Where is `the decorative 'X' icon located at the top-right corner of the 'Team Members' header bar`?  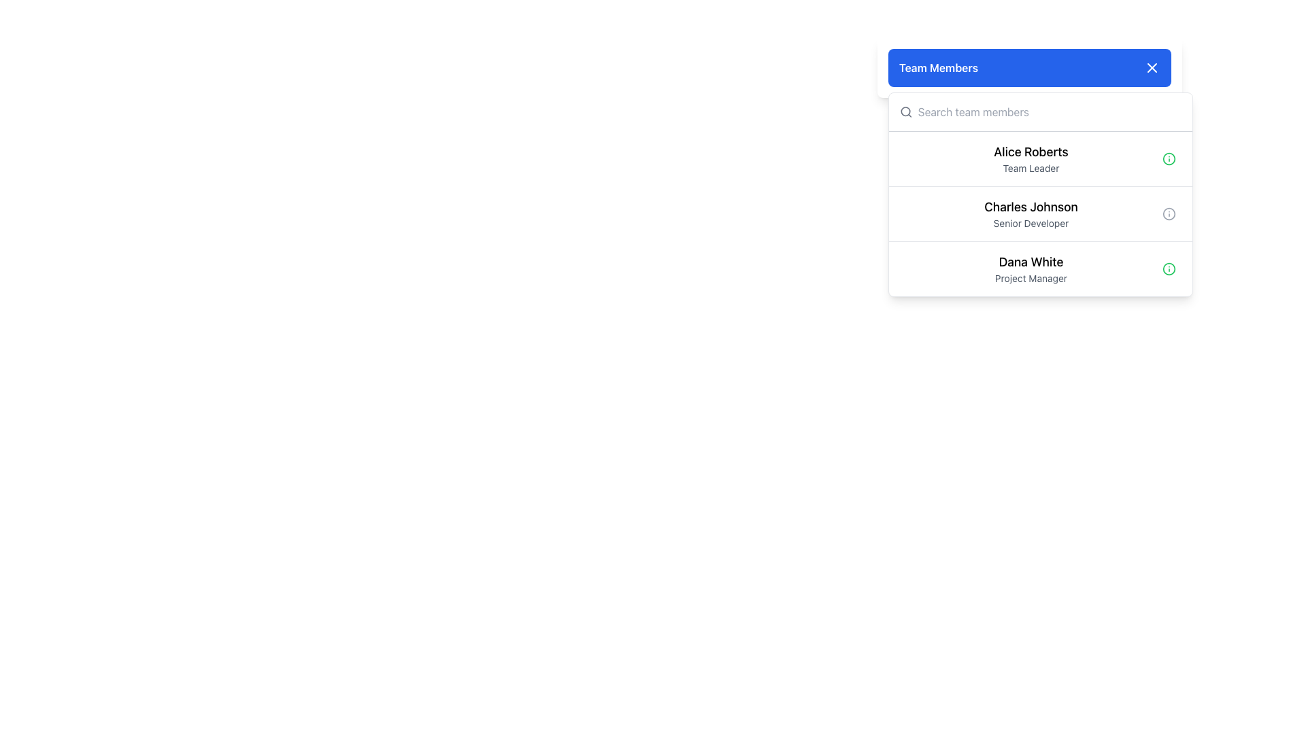 the decorative 'X' icon located at the top-right corner of the 'Team Members' header bar is located at coordinates (1152, 68).